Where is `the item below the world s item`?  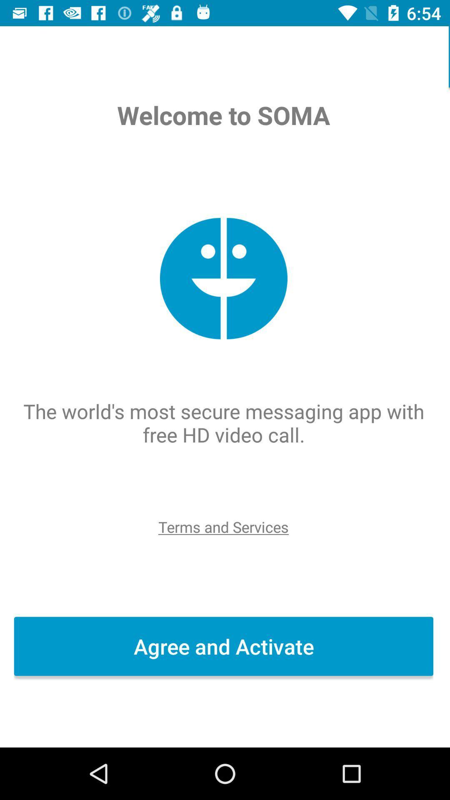 the item below the world s item is located at coordinates (224, 526).